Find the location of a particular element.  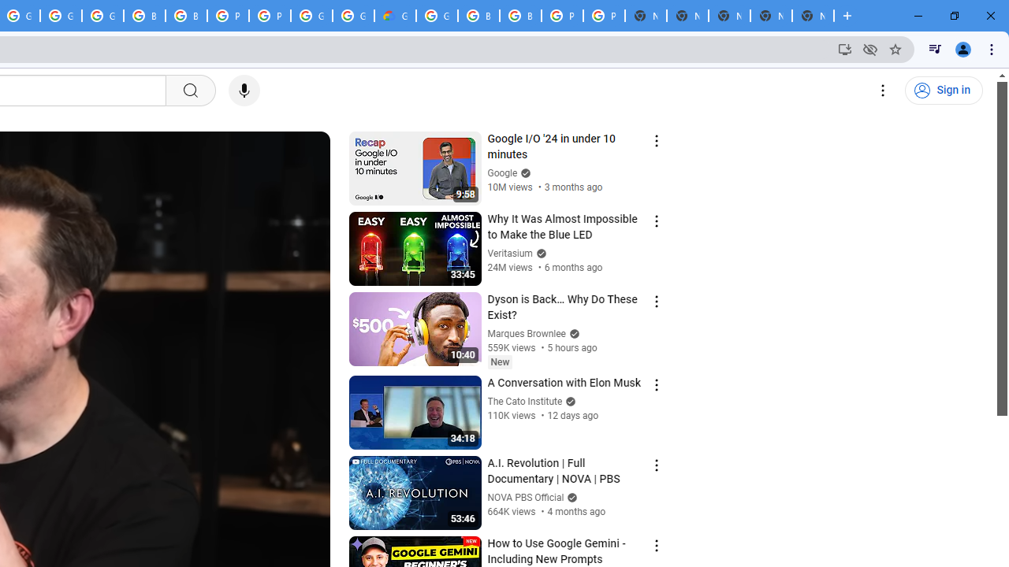

'Install YouTube' is located at coordinates (844, 48).